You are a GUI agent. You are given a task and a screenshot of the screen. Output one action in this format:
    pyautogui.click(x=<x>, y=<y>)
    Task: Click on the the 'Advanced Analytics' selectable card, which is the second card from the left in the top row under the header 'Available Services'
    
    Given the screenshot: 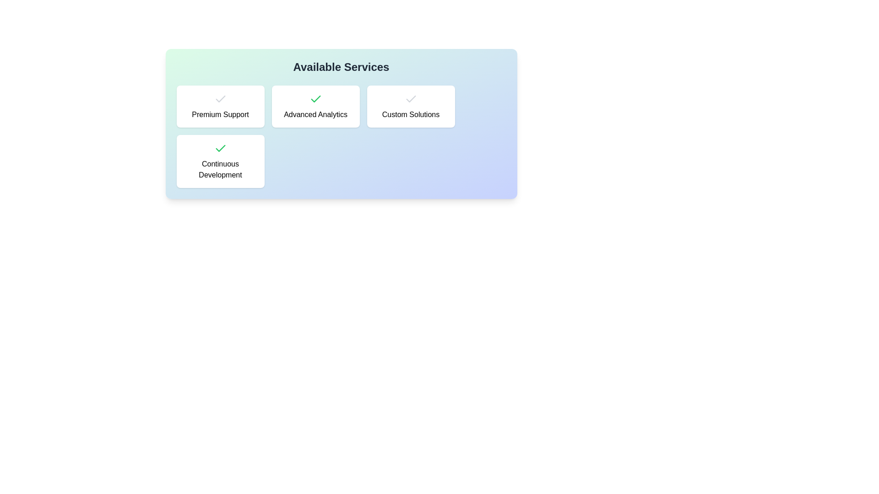 What is the action you would take?
    pyautogui.click(x=341, y=123)
    